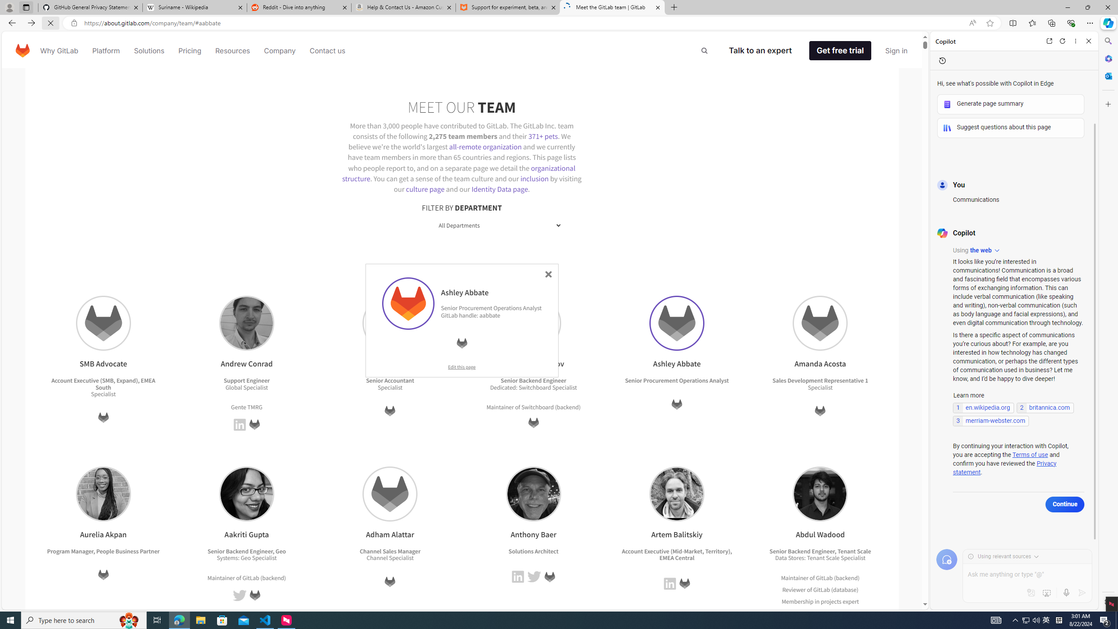  I want to click on 'Talk to an expert', so click(760, 50).